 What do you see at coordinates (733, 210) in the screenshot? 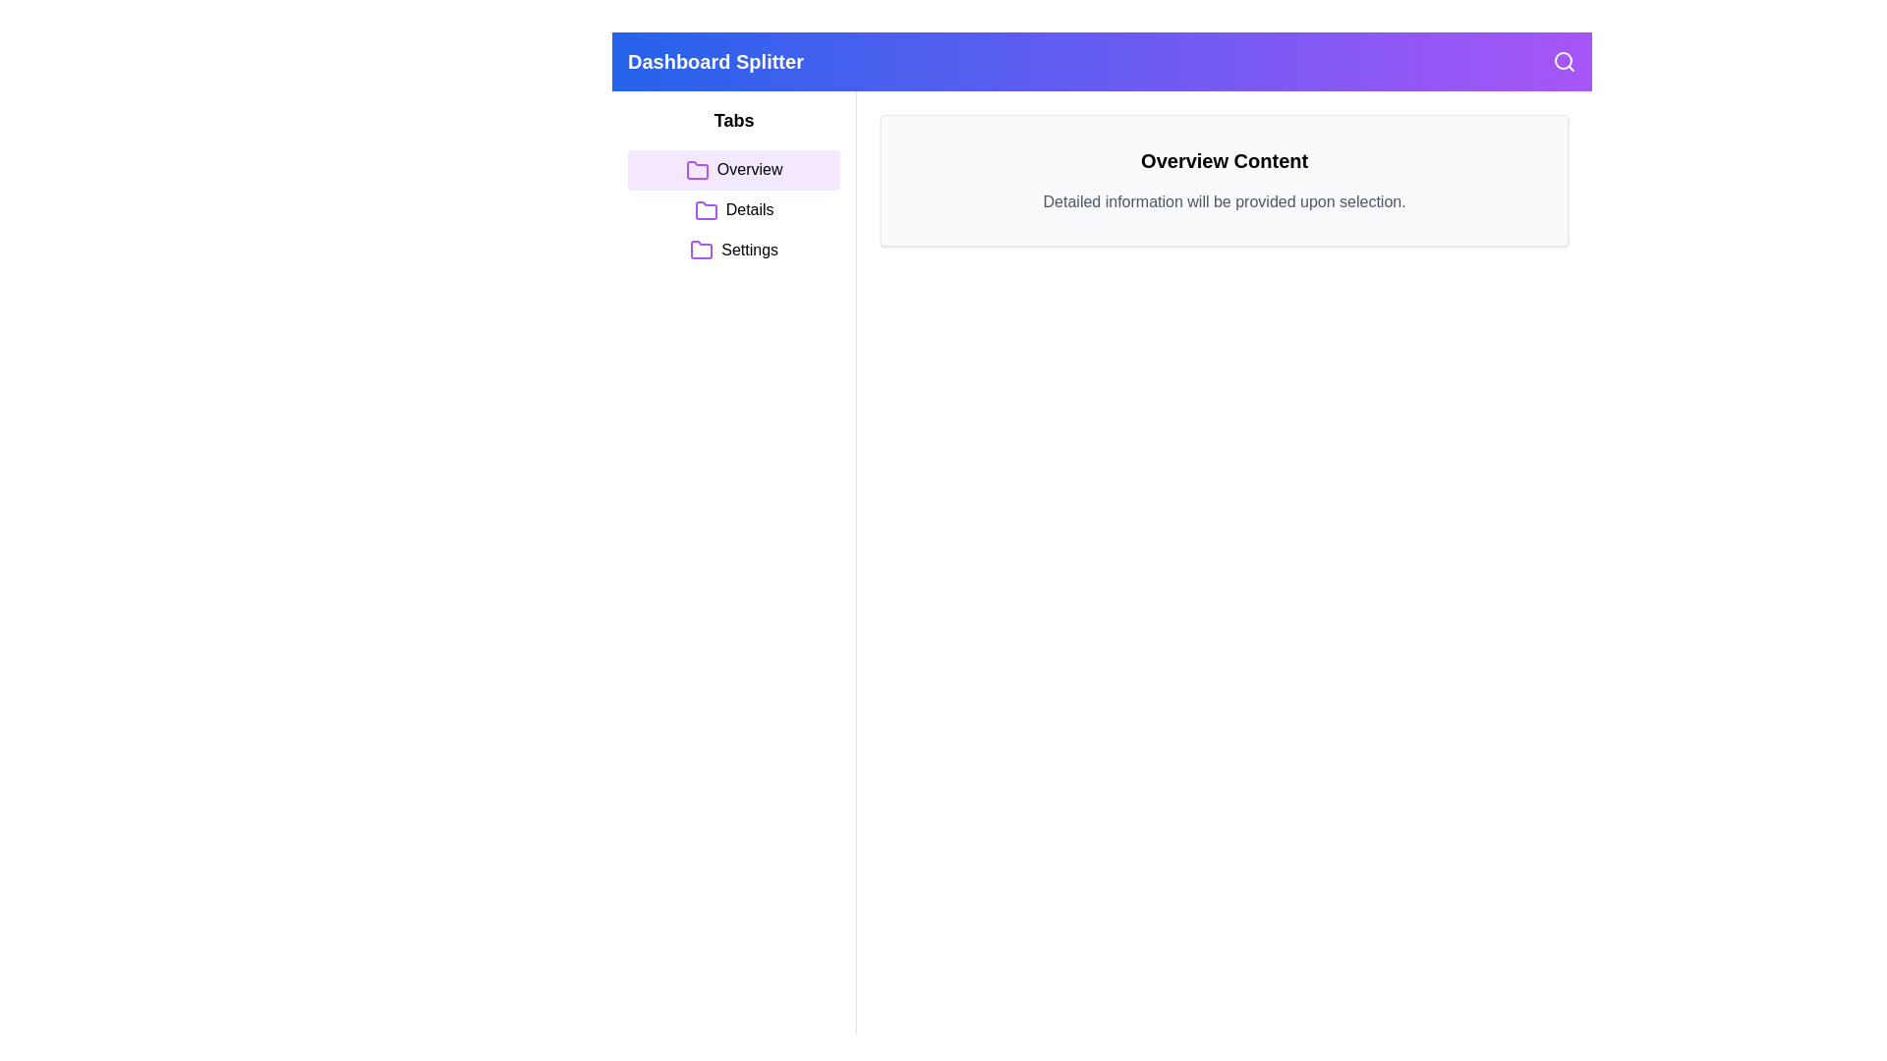
I see `the 'Overview' item in the Navigation Menu which is currently selected and has a purple background` at bounding box center [733, 210].